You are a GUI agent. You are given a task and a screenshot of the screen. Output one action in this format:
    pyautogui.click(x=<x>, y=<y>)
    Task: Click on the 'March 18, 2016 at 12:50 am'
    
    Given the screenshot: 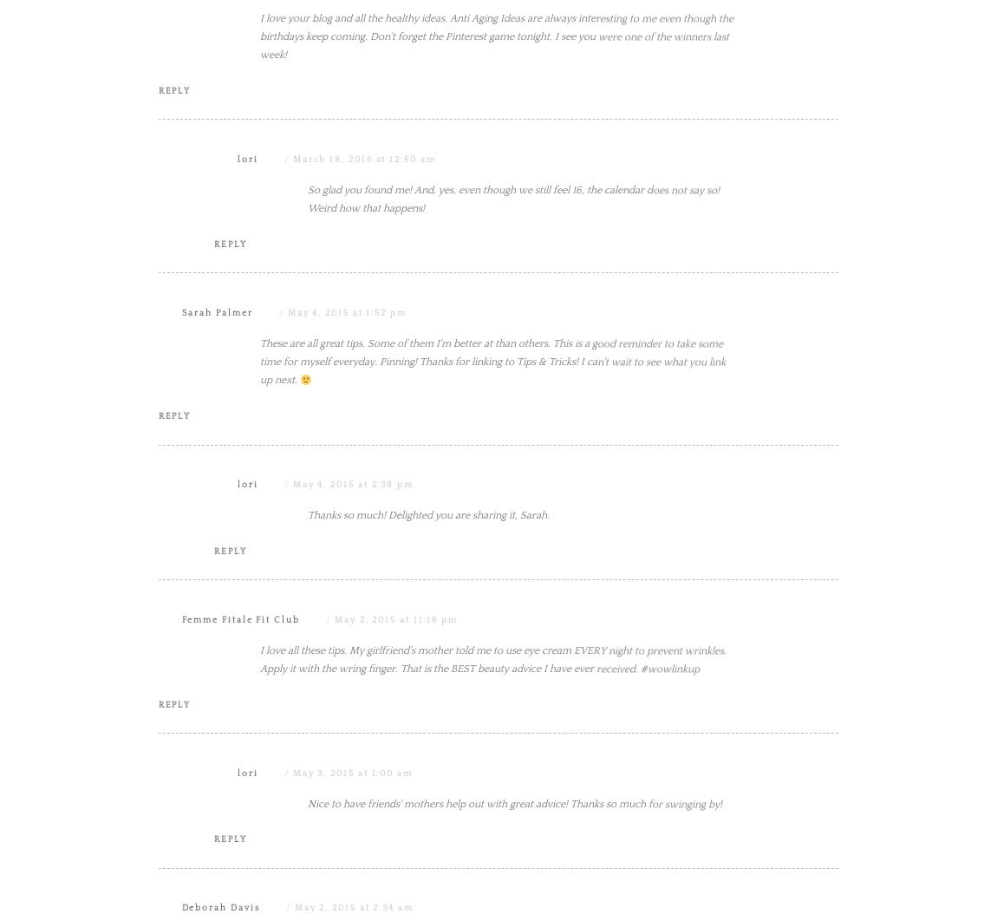 What is the action you would take?
    pyautogui.click(x=291, y=333)
    